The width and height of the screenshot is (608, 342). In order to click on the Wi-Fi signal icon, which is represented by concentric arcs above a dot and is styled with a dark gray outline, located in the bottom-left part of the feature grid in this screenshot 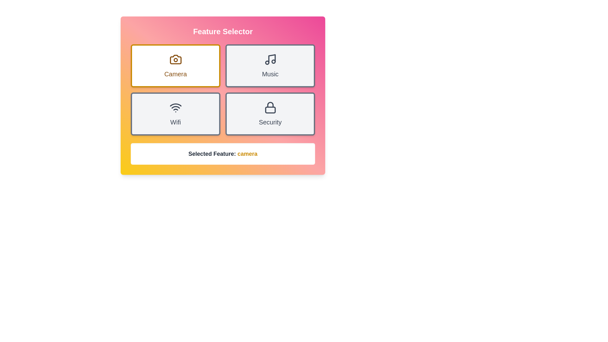, I will do `click(175, 107)`.